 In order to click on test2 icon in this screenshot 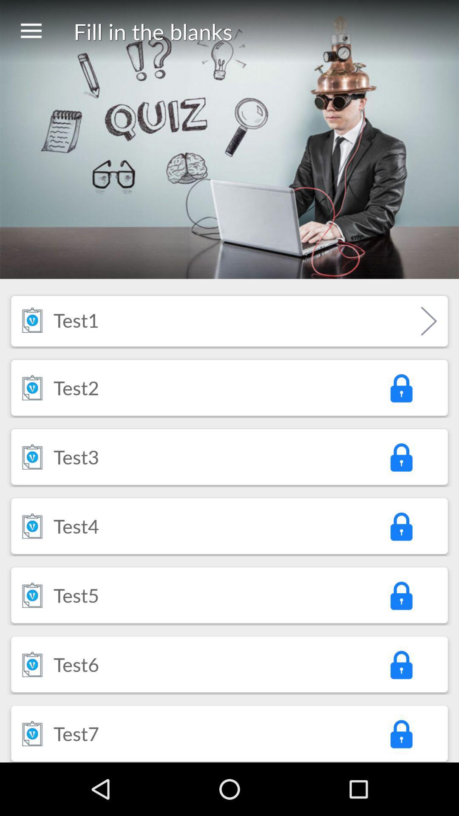, I will do `click(76, 387)`.